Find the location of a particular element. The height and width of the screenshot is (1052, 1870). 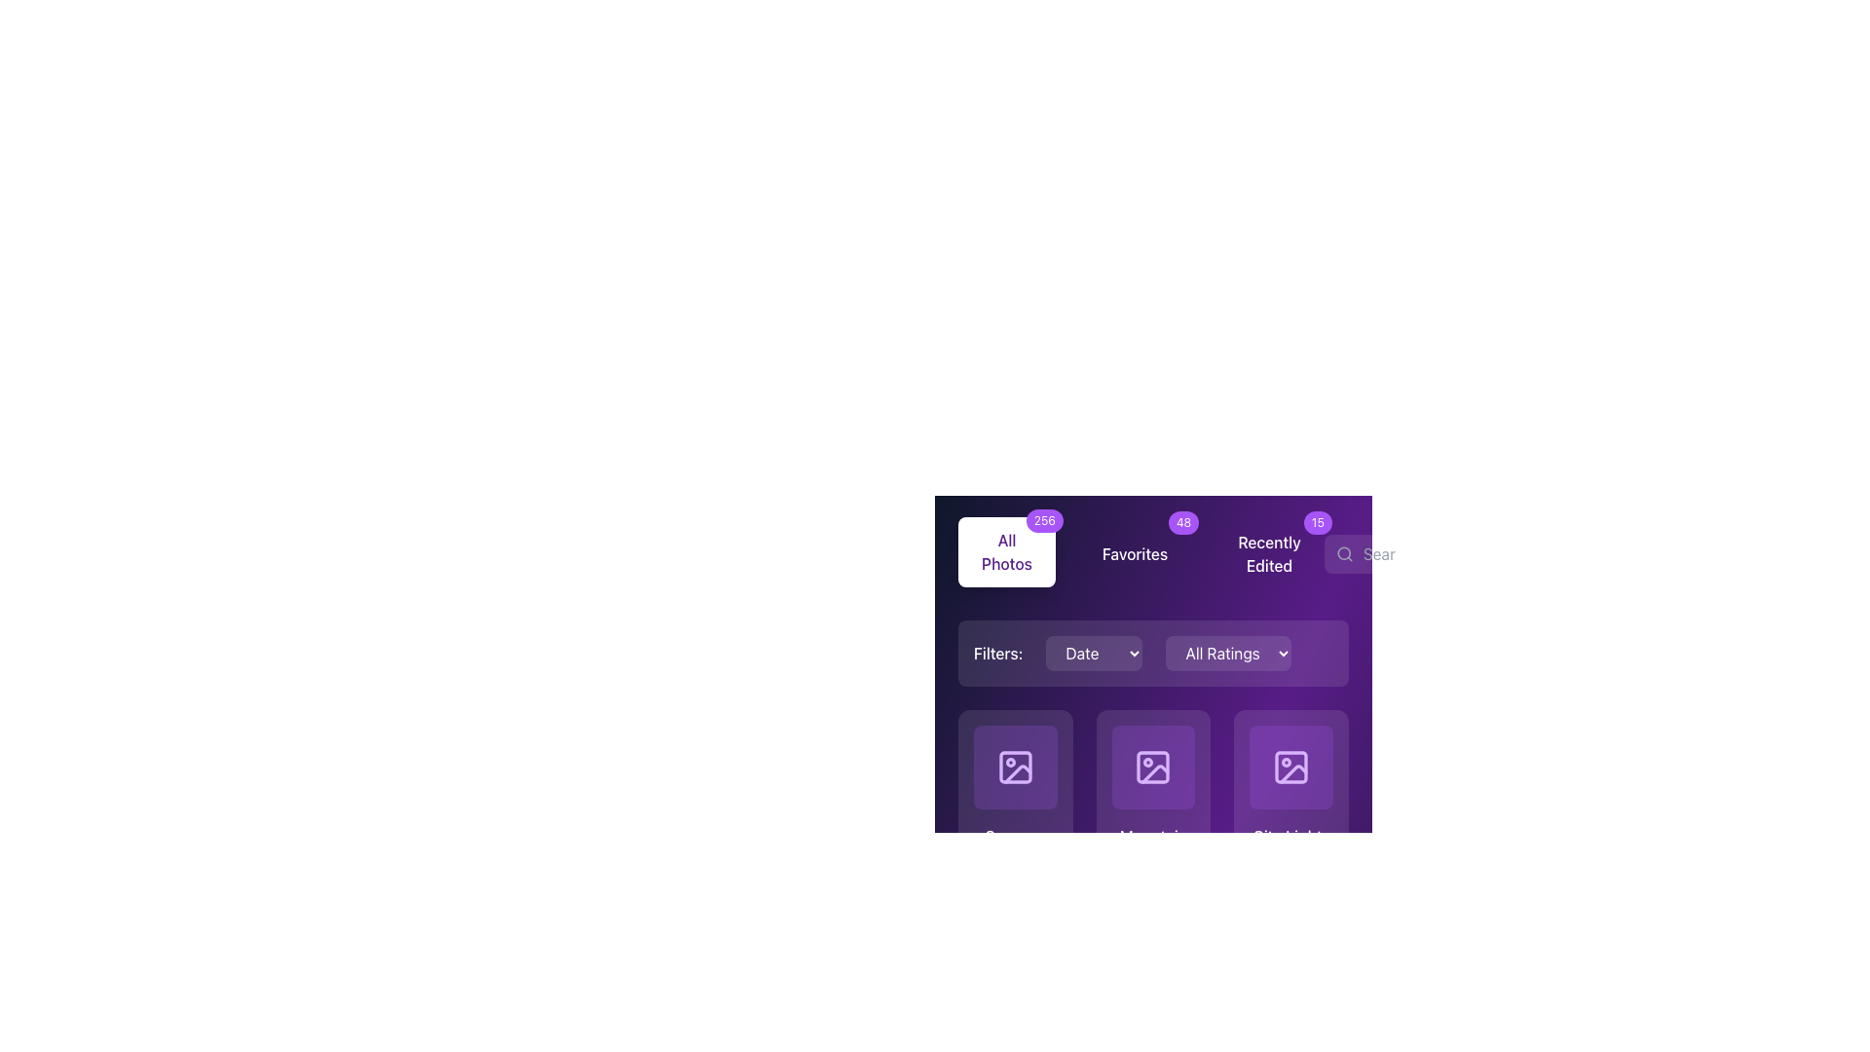

the first dropdown menu of the filtering mechanism located centrally below the tabs for 'All Photos', 'Favorites', and 'Recently Edited', then click on the second dropdown is located at coordinates (1153, 654).